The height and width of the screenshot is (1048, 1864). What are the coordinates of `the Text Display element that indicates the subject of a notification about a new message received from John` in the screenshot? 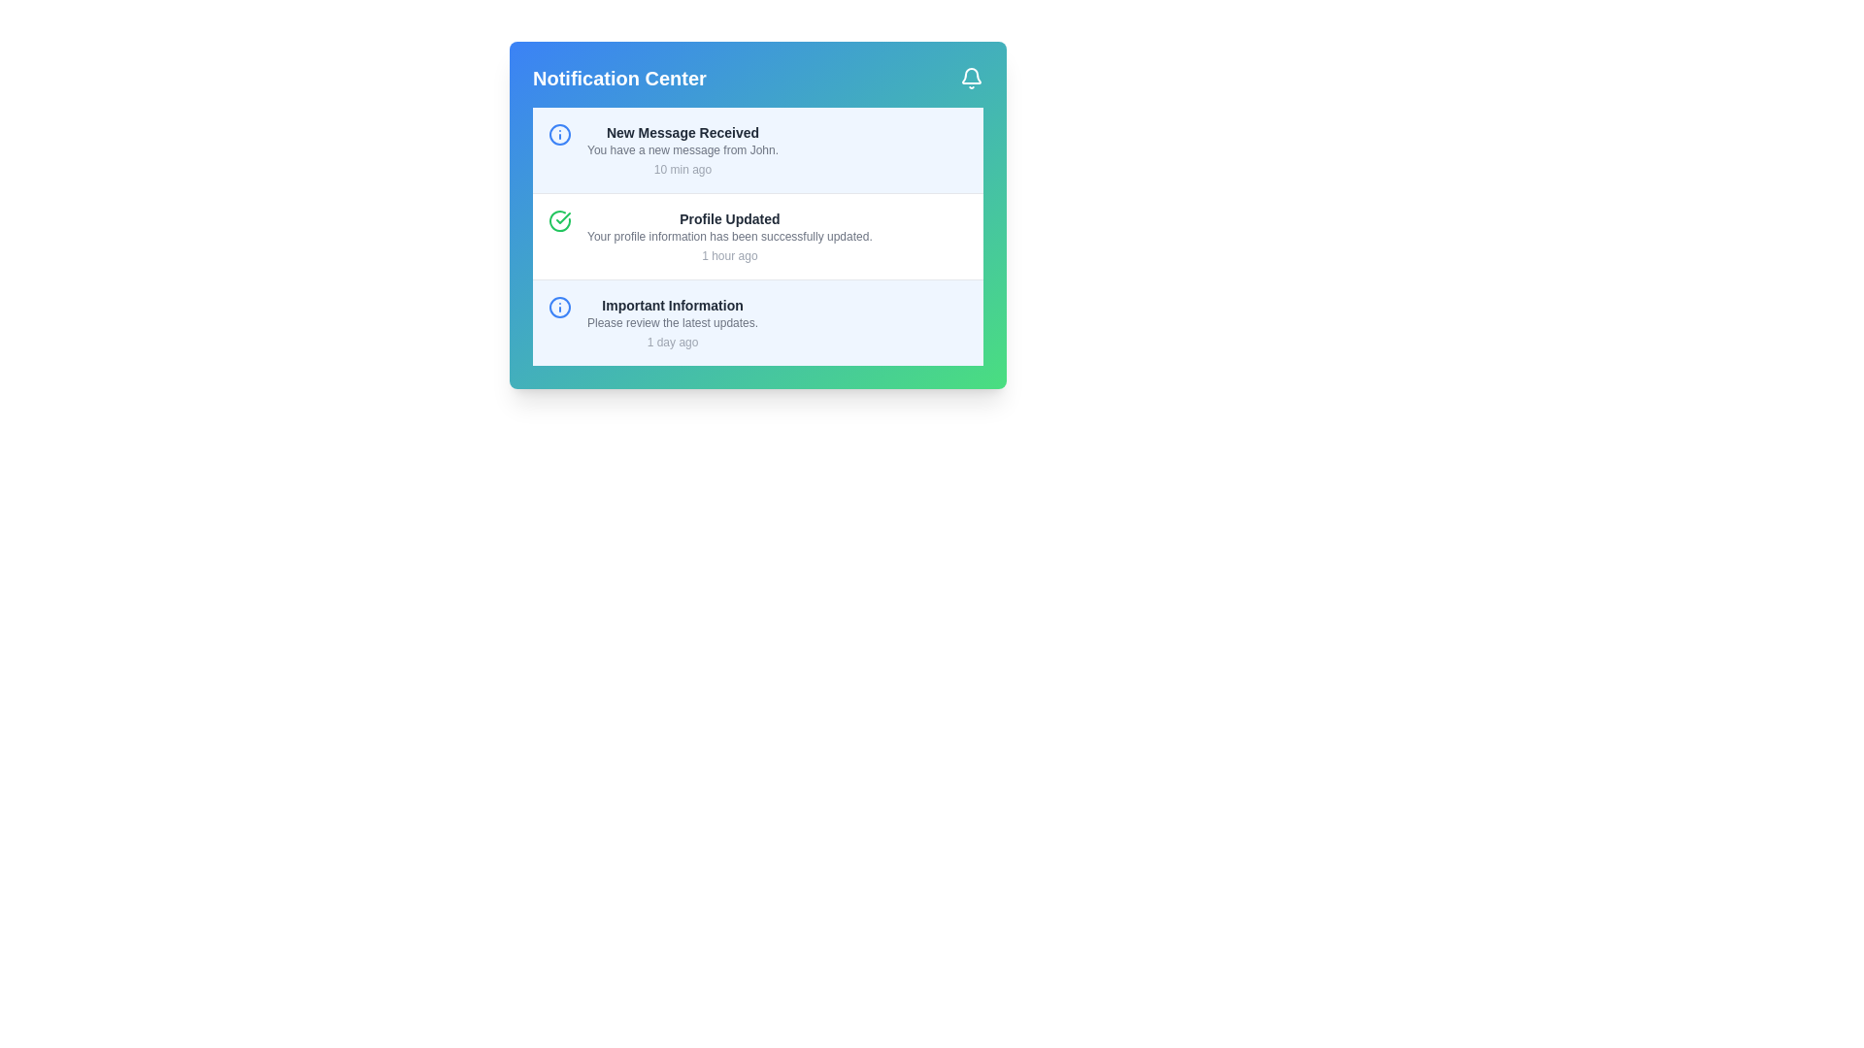 It's located at (682, 132).